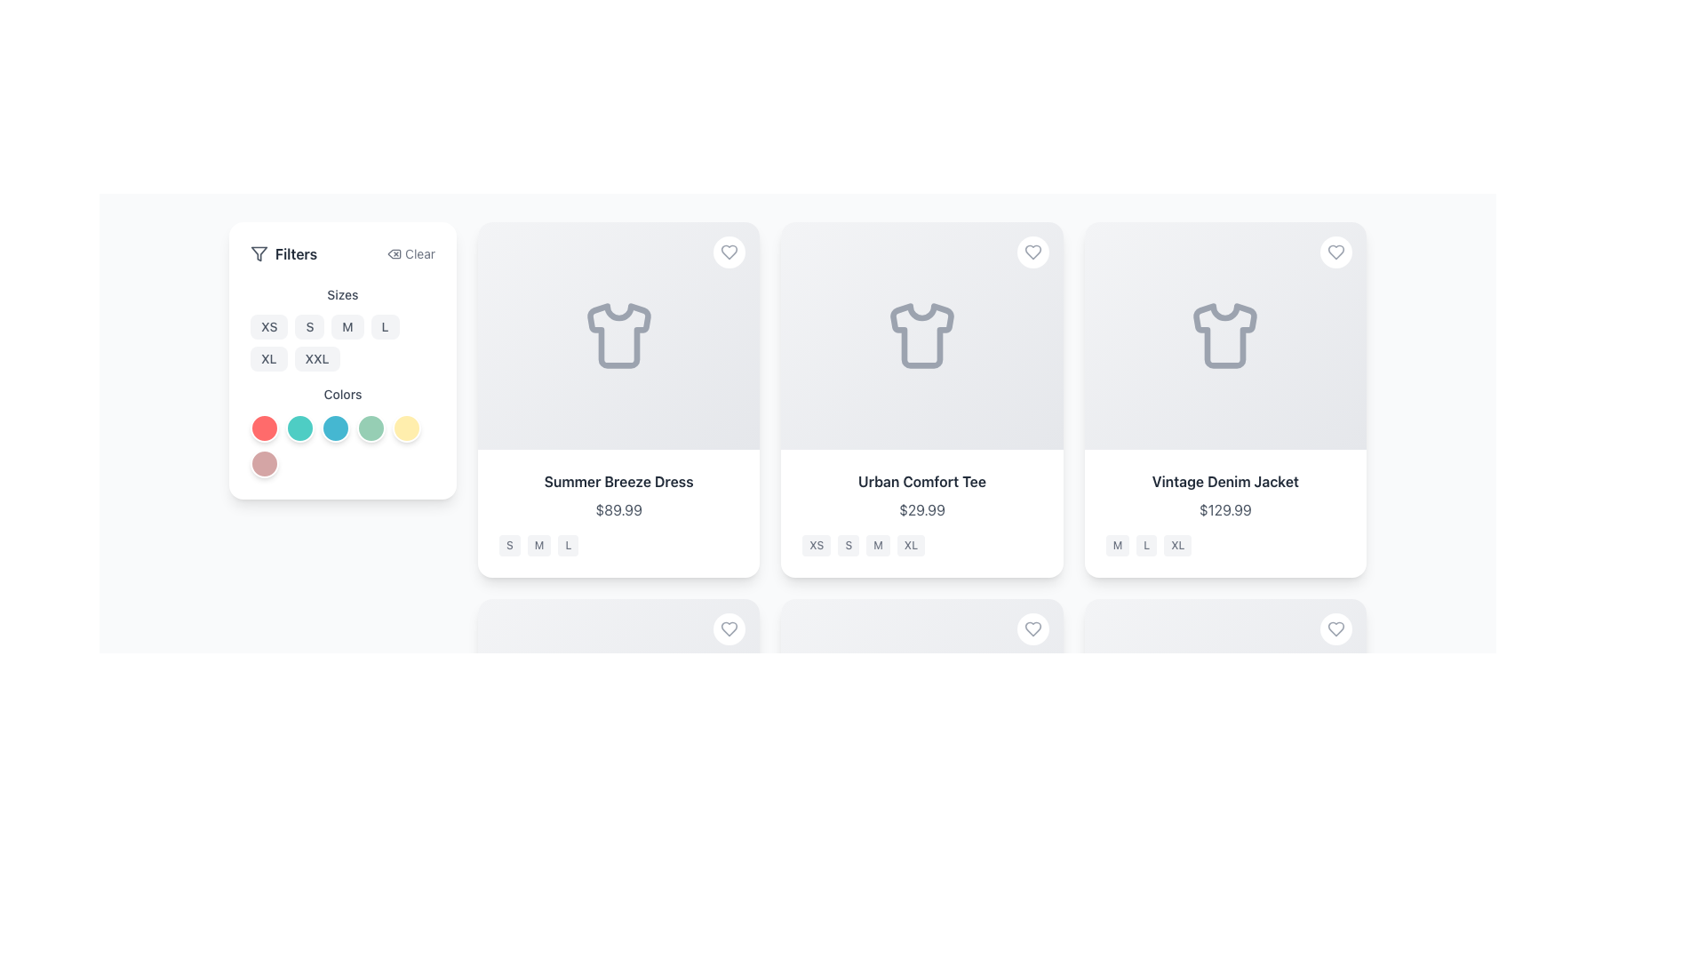 This screenshot has height=960, width=1706. Describe the element at coordinates (259, 253) in the screenshot. I see `the small filter icon resembling an upside-down triangle with a line extending below it, located to the left of the text 'Filters' in the filter panel` at that location.